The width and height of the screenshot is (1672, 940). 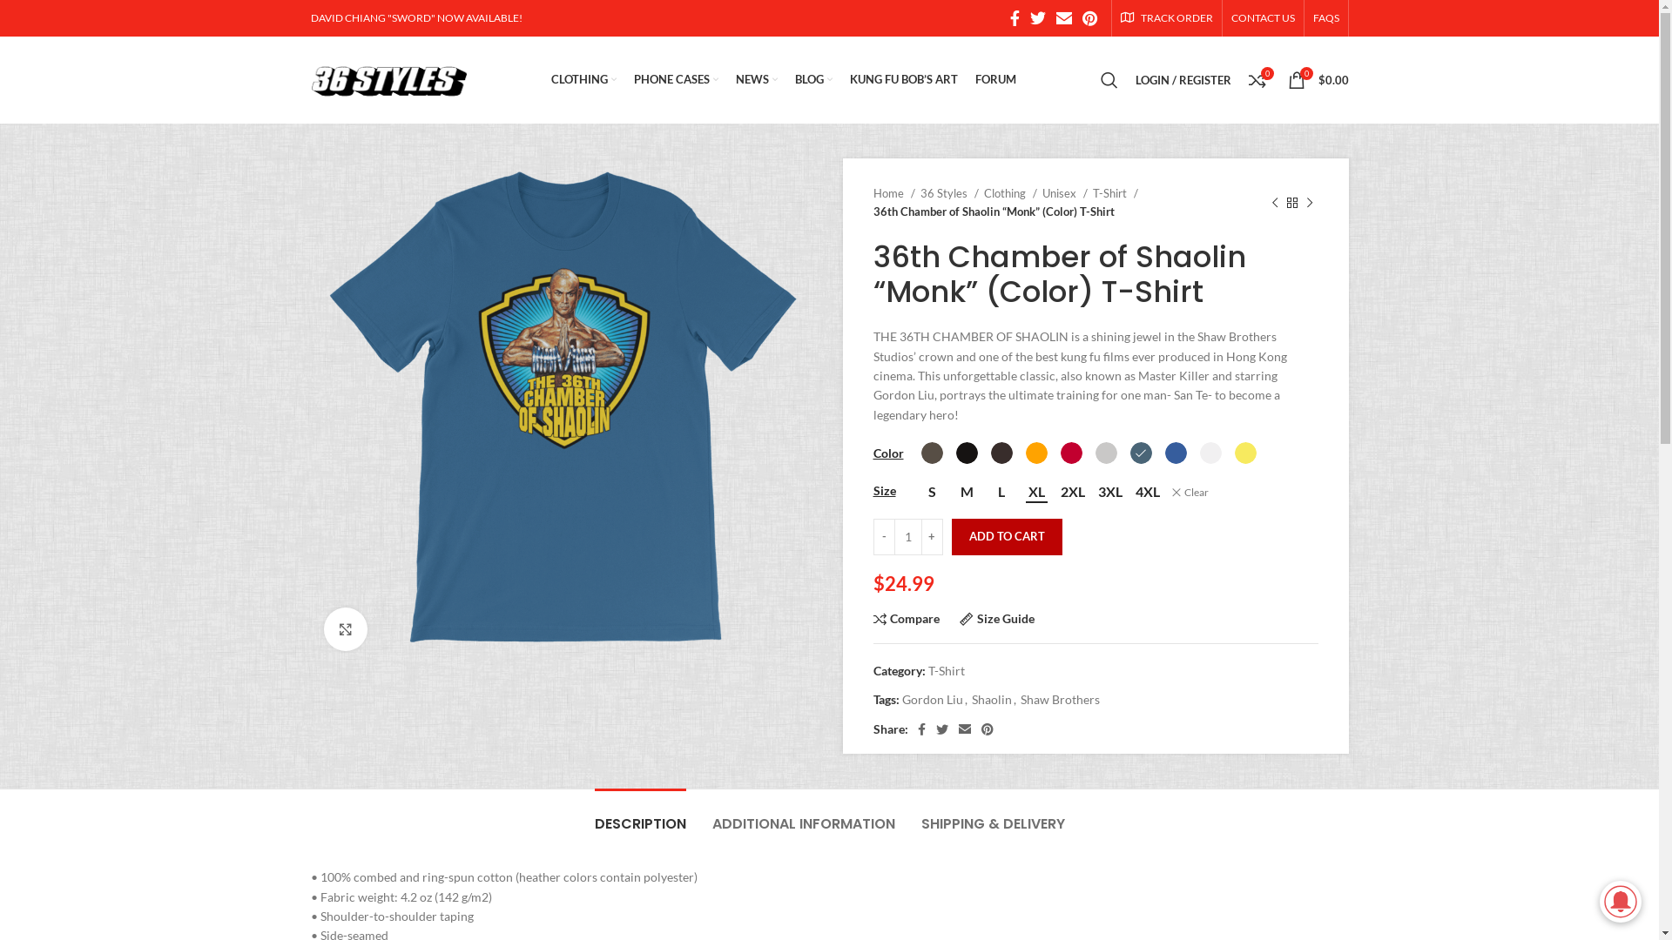 What do you see at coordinates (711, 815) in the screenshot?
I see `'ADDITIONAL INFORMATION'` at bounding box center [711, 815].